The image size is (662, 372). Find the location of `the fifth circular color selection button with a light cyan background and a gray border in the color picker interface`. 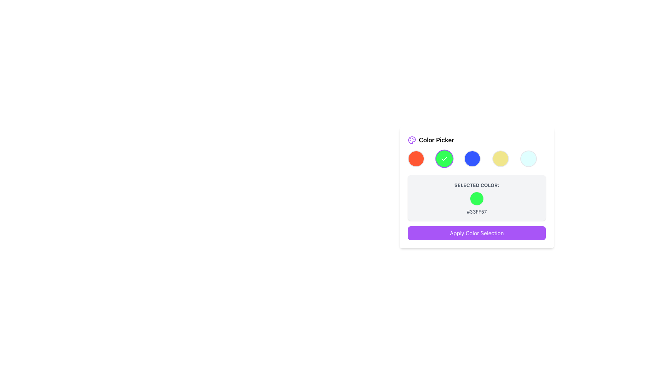

the fifth circular color selection button with a light cyan background and a gray border in the color picker interface is located at coordinates (528, 159).